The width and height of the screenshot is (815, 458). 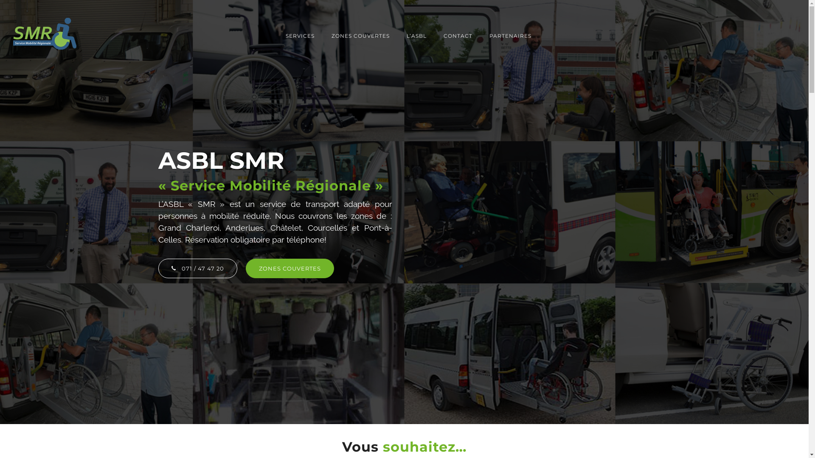 What do you see at coordinates (506, 35) in the screenshot?
I see `'PARTENAIRES'` at bounding box center [506, 35].